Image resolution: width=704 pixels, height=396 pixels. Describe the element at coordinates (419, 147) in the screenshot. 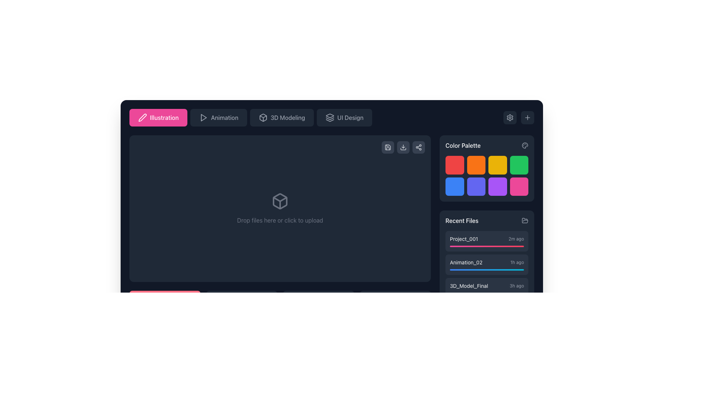

I see `the 'Share' action icon in the top-right corner of the interface` at that location.